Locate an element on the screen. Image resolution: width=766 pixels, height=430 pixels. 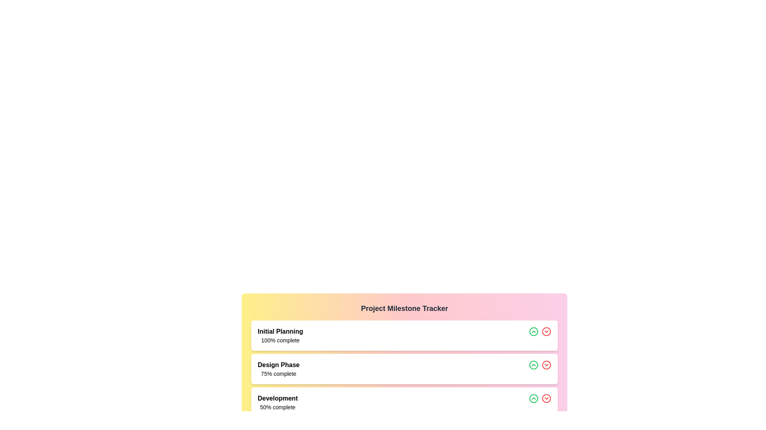
the Circle SVG element located in the third row under 'Development - 50% complete', positioned to the right side of the progress bar area is located at coordinates (546, 365).